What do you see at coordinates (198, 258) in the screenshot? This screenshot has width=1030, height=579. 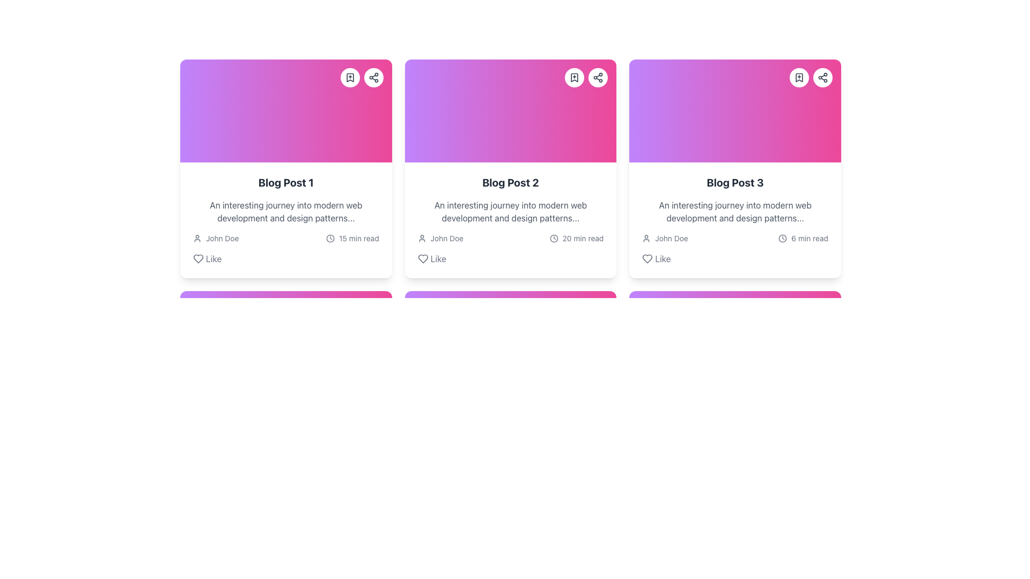 I see `the heart icon located at the bottom left corner of the 'Blog Post 1' card` at bounding box center [198, 258].